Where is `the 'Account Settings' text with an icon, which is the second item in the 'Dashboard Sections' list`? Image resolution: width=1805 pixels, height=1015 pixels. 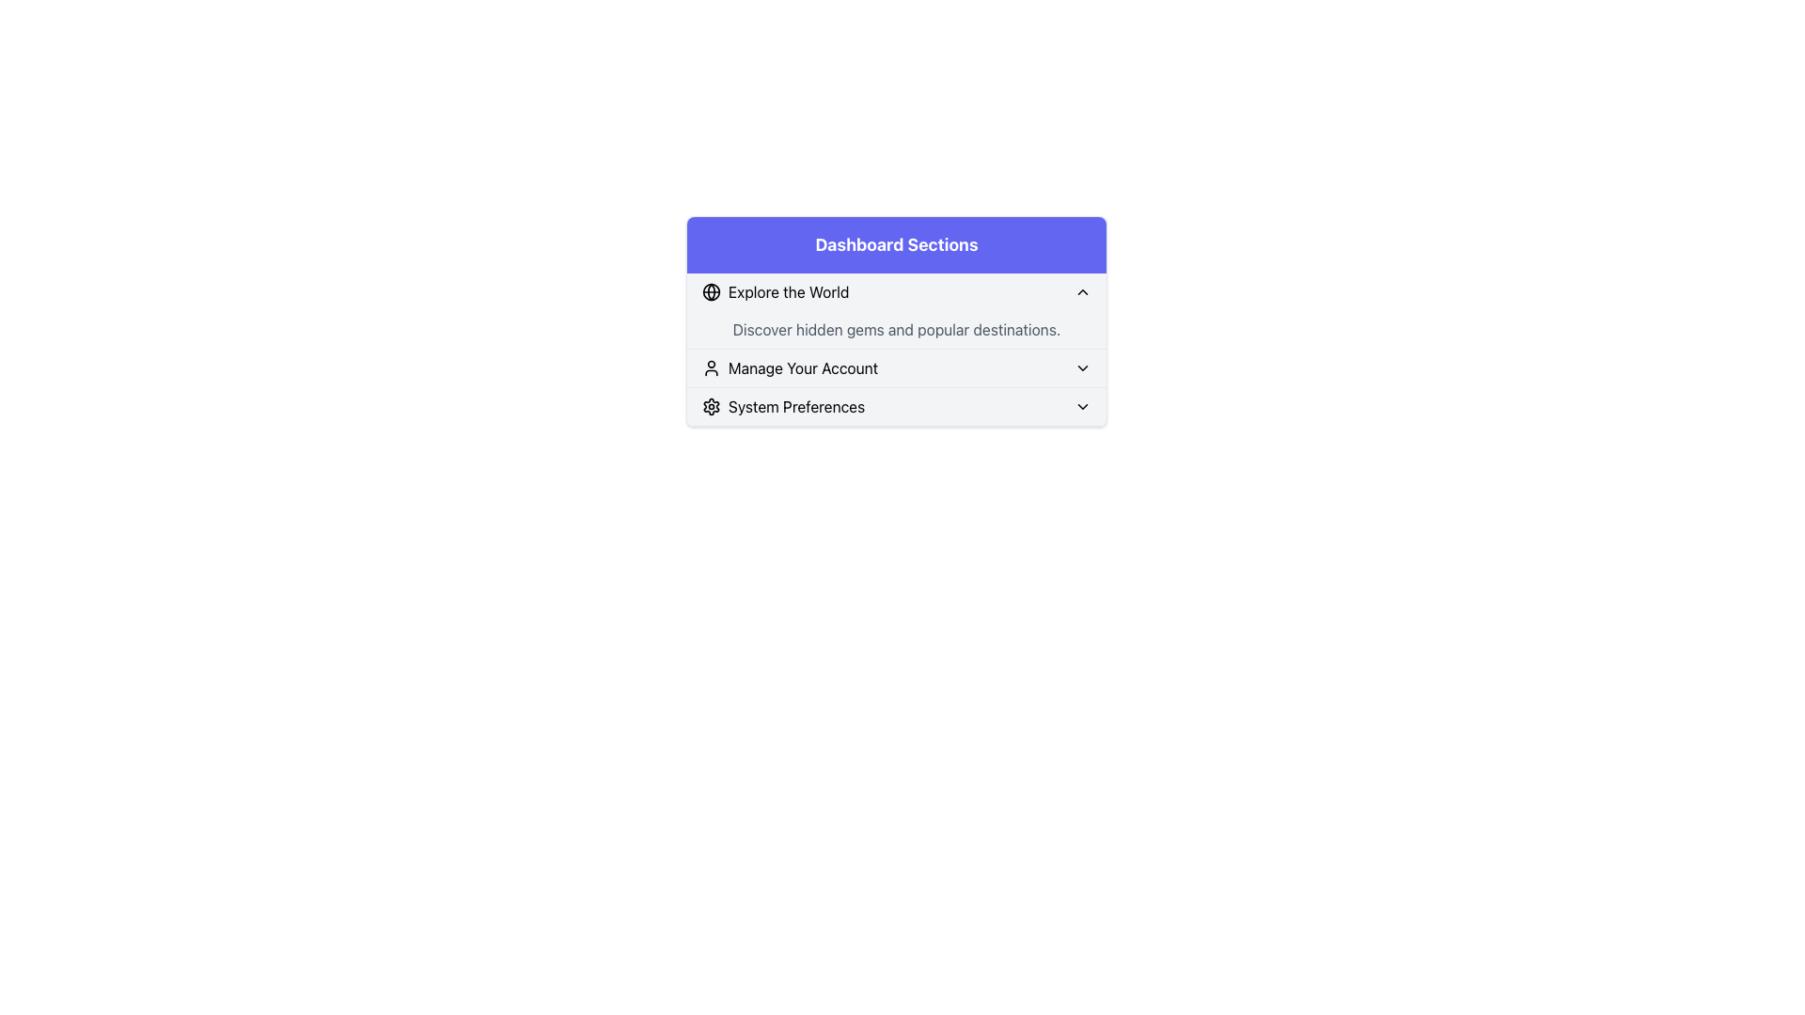
the 'Account Settings' text with an icon, which is the second item in the 'Dashboard Sections' list is located at coordinates (790, 368).